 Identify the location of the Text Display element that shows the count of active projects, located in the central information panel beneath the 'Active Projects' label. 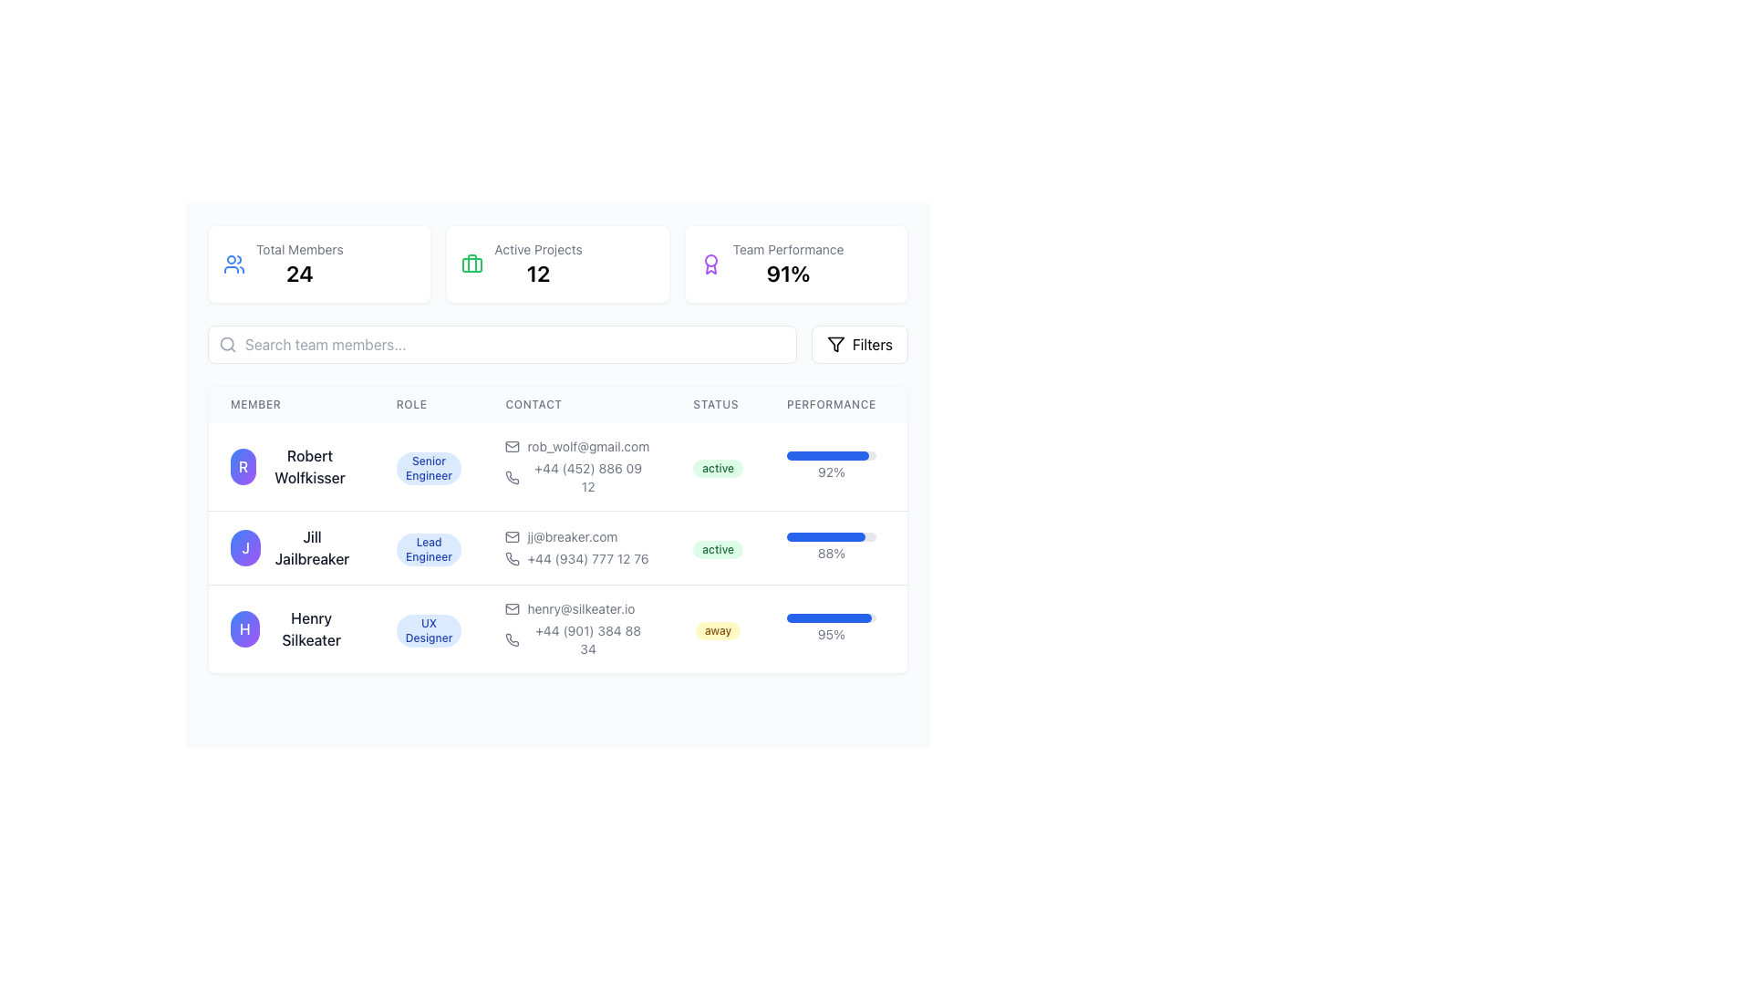
(537, 274).